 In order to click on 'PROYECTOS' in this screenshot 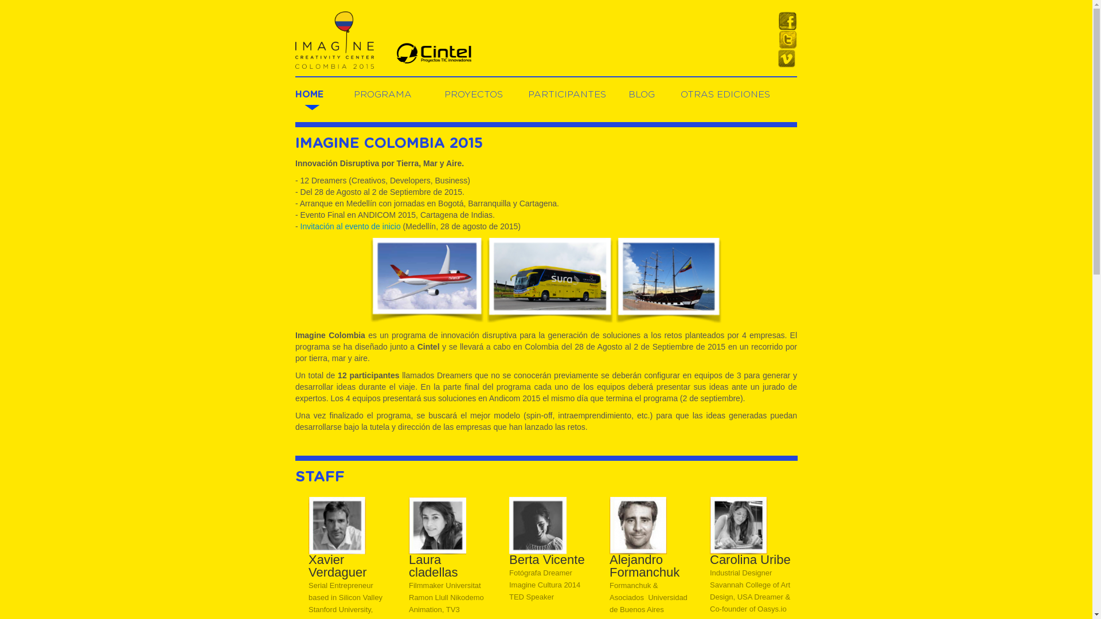, I will do `click(473, 94)`.